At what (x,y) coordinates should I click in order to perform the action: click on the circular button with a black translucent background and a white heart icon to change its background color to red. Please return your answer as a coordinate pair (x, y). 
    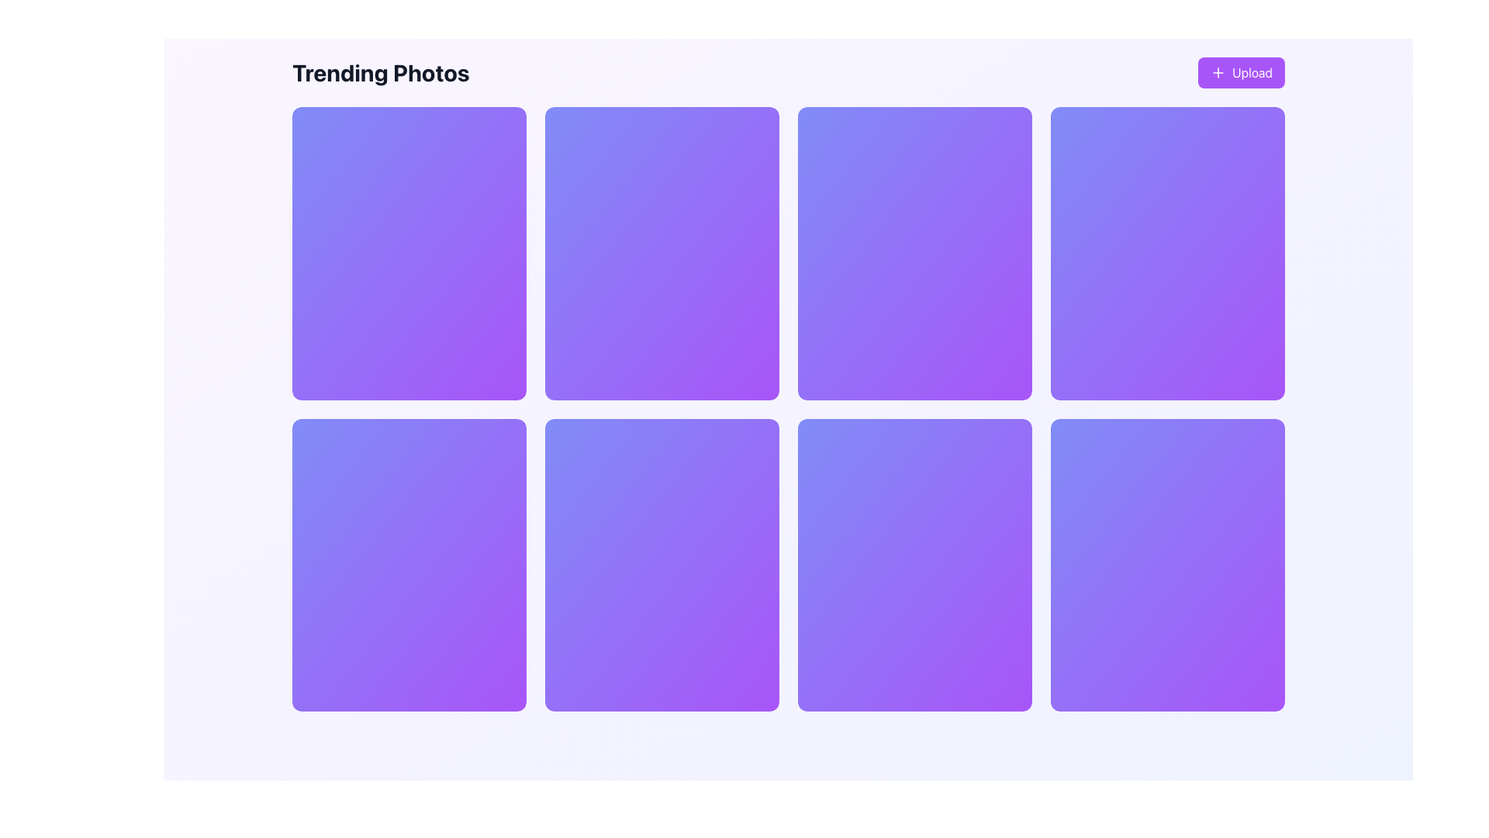
    Looking at the image, I should click on (1197, 130).